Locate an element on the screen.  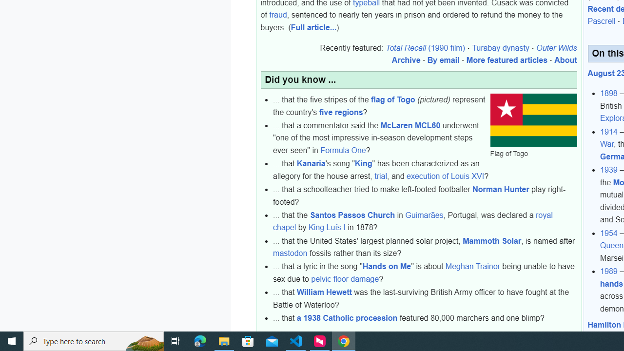
'1939' is located at coordinates (608, 169).